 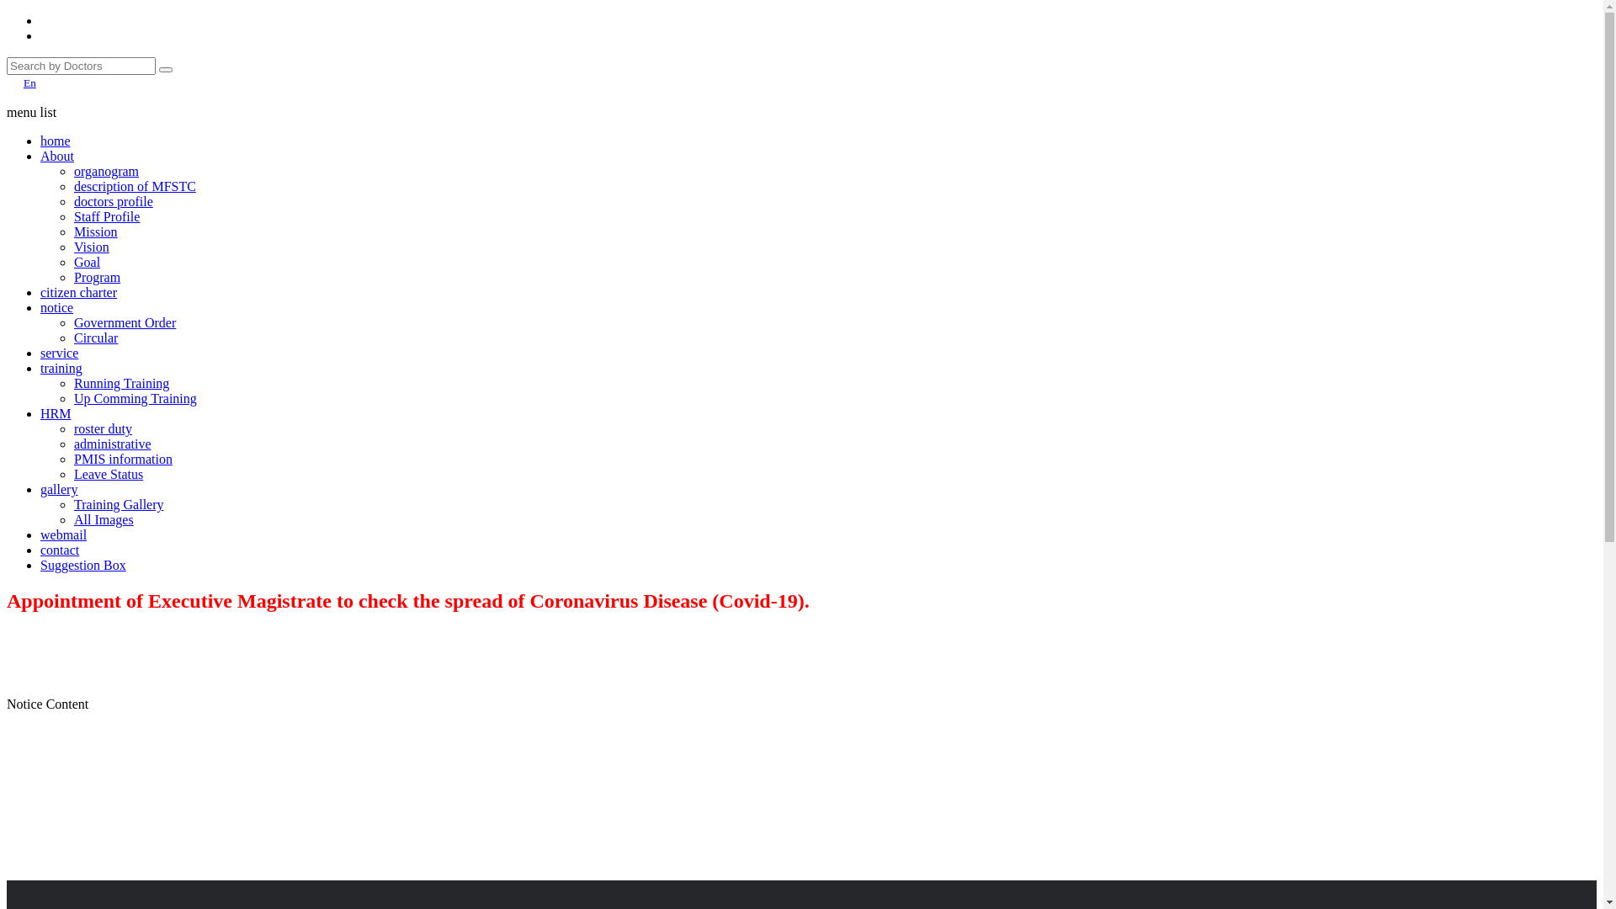 I want to click on 'training', so click(x=61, y=367).